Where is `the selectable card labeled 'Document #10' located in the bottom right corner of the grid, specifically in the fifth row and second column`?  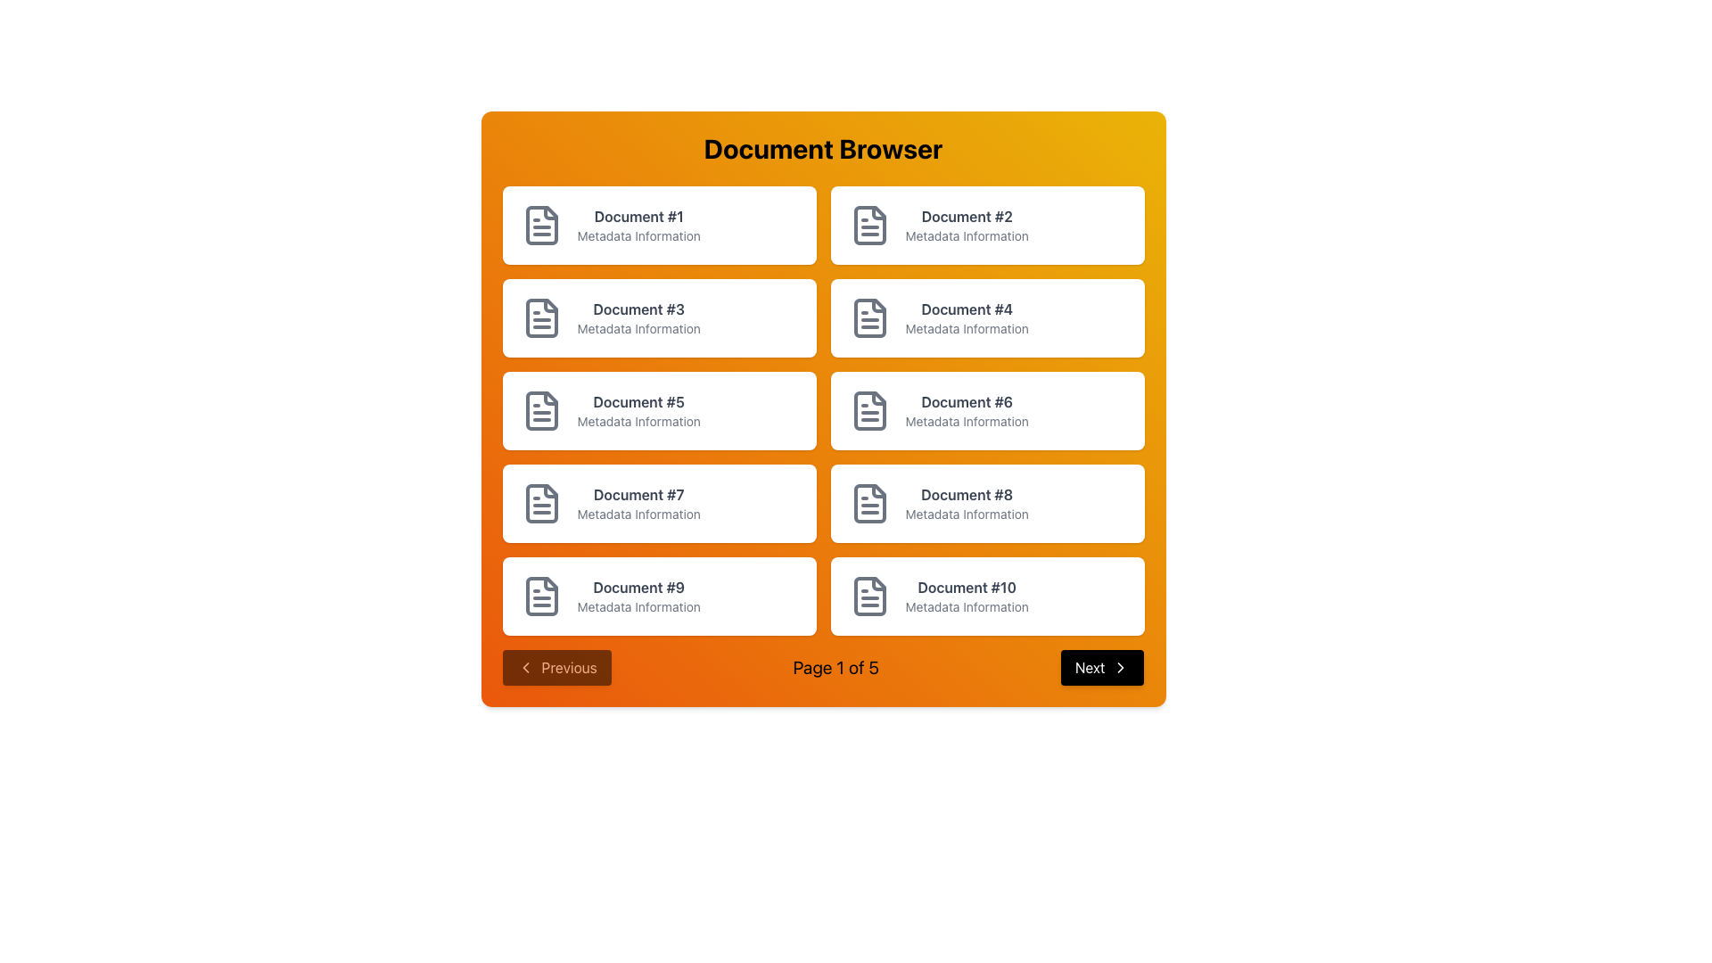 the selectable card labeled 'Document #10' located in the bottom right corner of the grid, specifically in the fifth row and second column is located at coordinates (986, 596).